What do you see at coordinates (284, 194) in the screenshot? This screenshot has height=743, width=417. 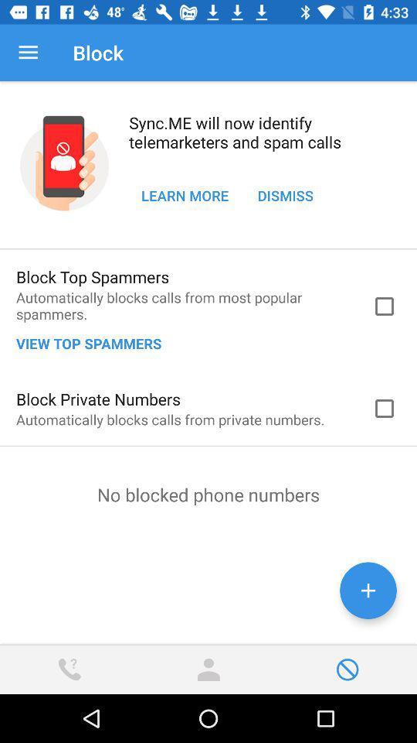 I see `item at the top right corner` at bounding box center [284, 194].